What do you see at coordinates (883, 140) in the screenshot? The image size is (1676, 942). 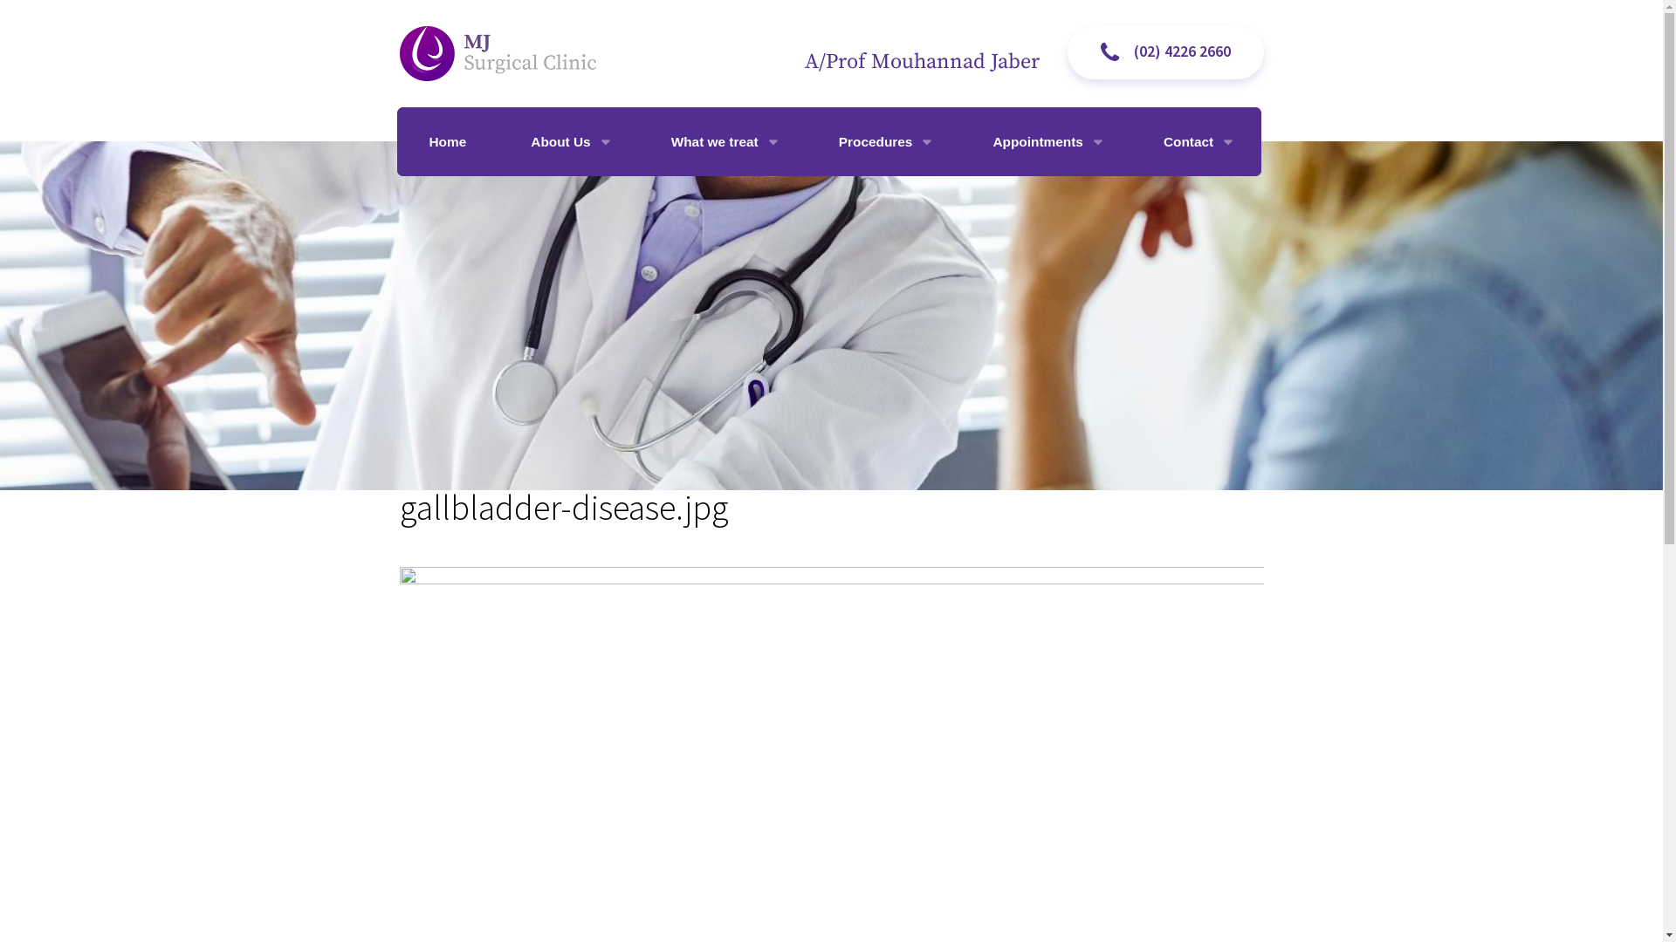 I see `'Procedures'` at bounding box center [883, 140].